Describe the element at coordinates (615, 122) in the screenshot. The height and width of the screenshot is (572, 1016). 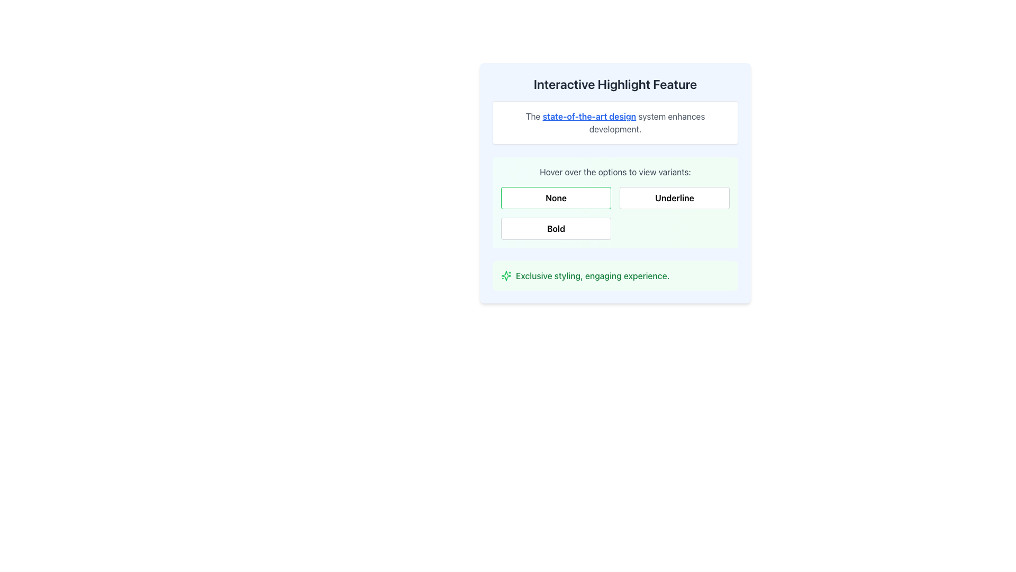
I see `text block displaying: "The state-of-the-art design system enhances development." which is centrally located in the feature description box, above the interactive styling buttons` at that location.